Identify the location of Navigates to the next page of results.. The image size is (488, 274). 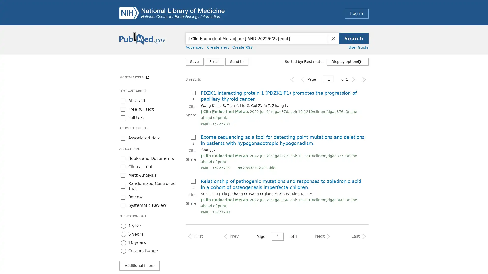
(353, 79).